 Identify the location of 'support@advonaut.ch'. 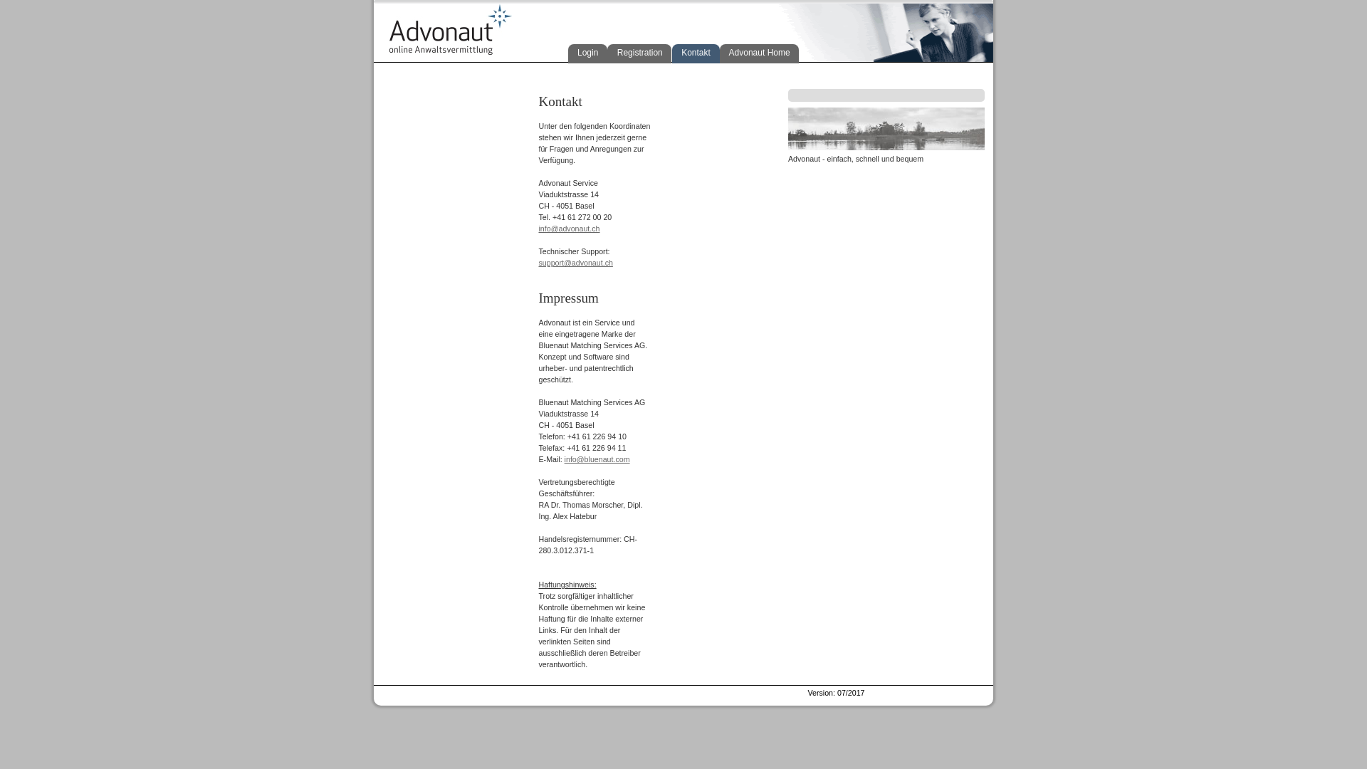
(575, 263).